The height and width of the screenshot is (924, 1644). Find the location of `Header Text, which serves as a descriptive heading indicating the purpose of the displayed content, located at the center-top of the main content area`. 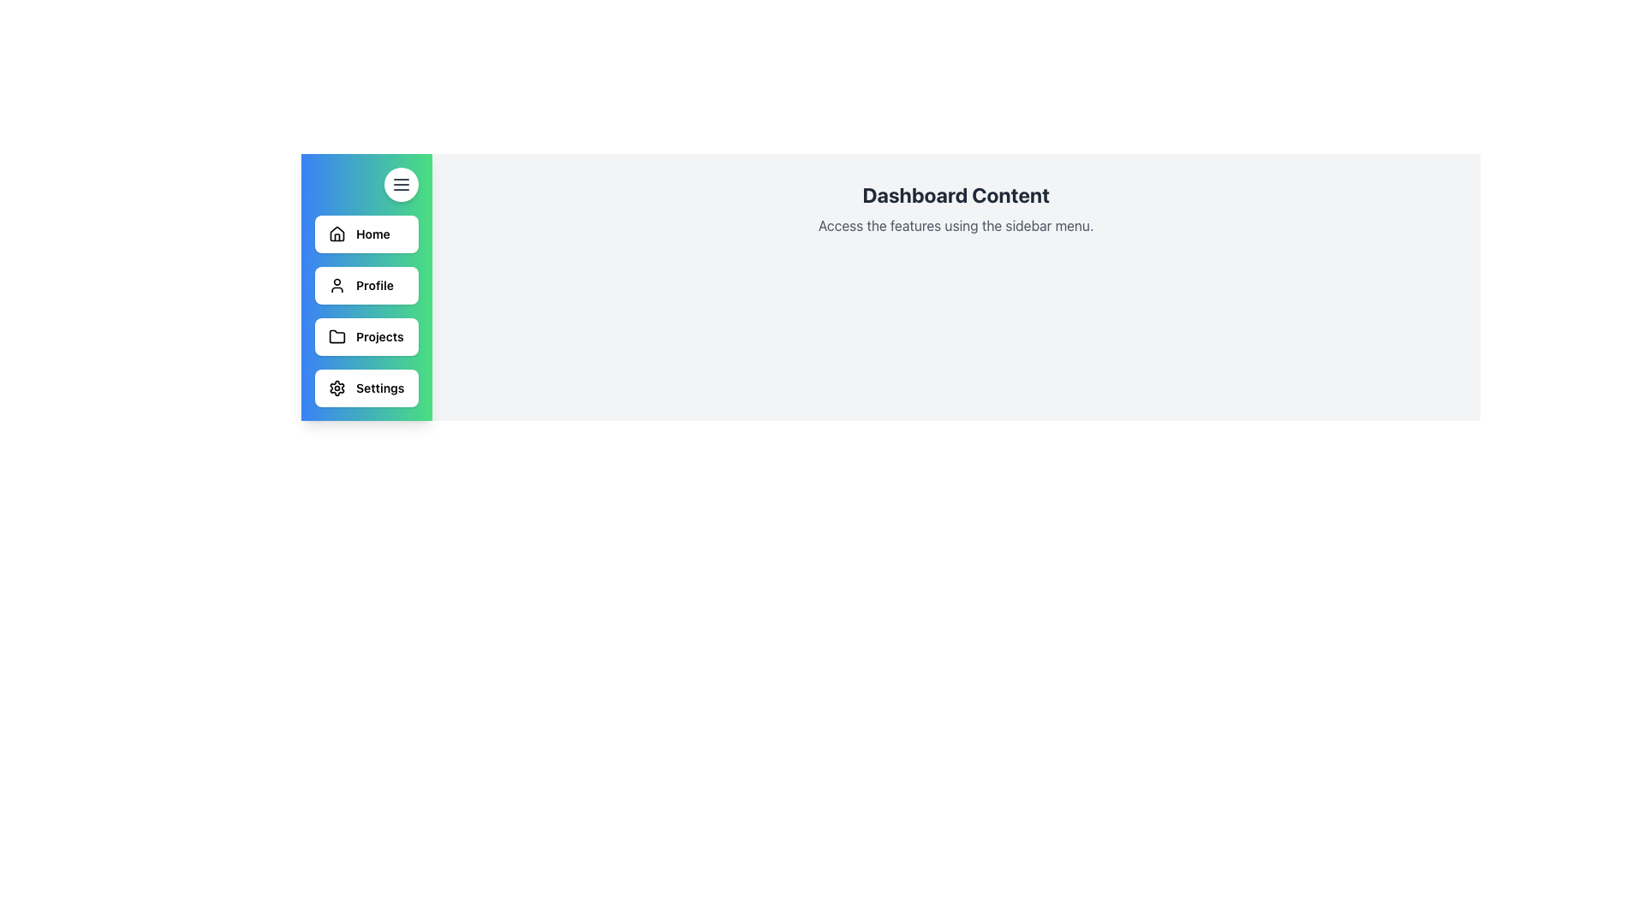

Header Text, which serves as a descriptive heading indicating the purpose of the displayed content, located at the center-top of the main content area is located at coordinates (955, 193).